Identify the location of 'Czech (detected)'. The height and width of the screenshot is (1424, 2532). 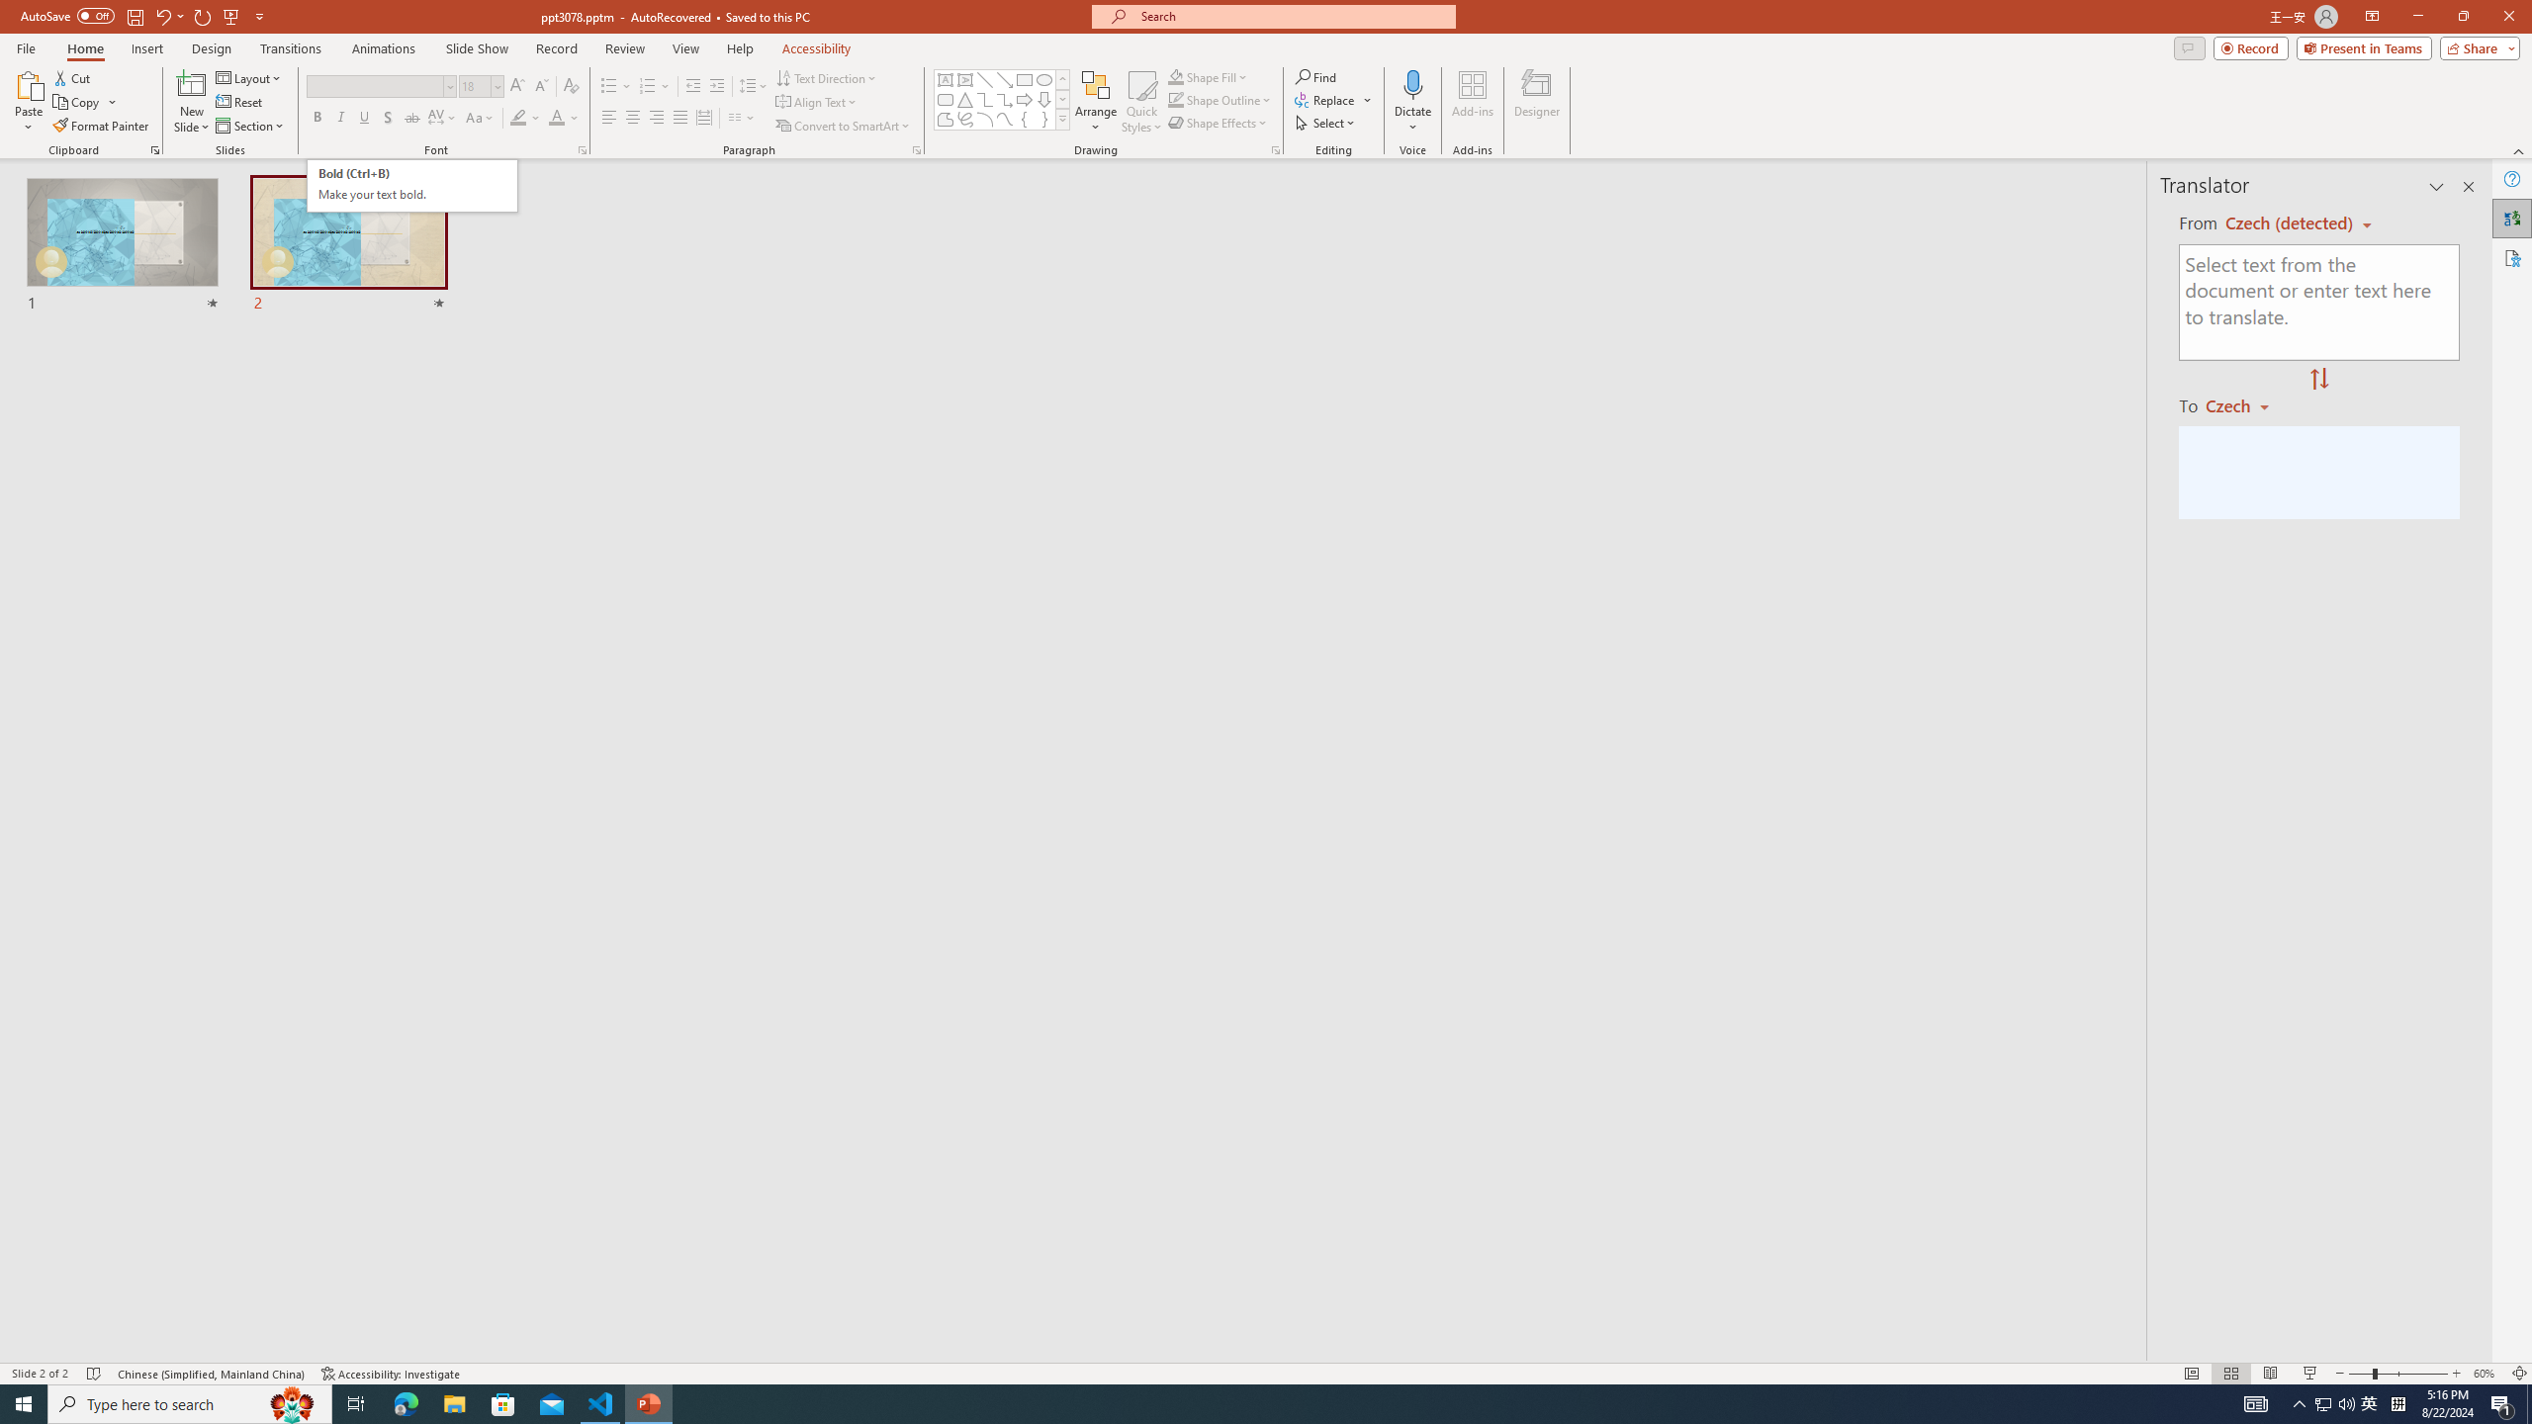
(2290, 222).